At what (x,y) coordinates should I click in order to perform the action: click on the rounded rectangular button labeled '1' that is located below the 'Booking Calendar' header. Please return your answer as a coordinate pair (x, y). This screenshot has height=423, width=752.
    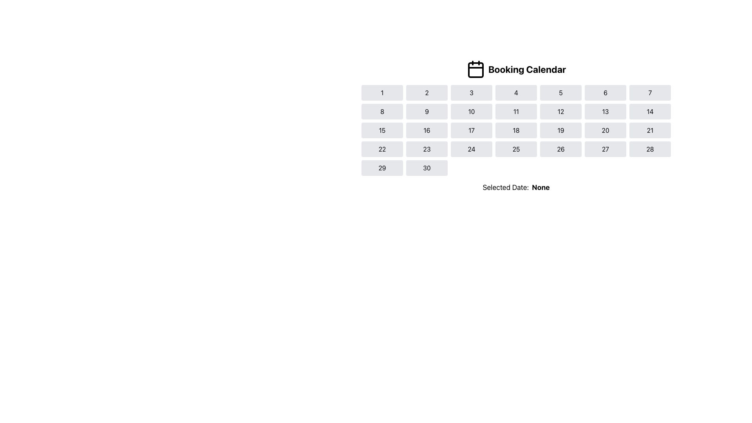
    Looking at the image, I should click on (382, 92).